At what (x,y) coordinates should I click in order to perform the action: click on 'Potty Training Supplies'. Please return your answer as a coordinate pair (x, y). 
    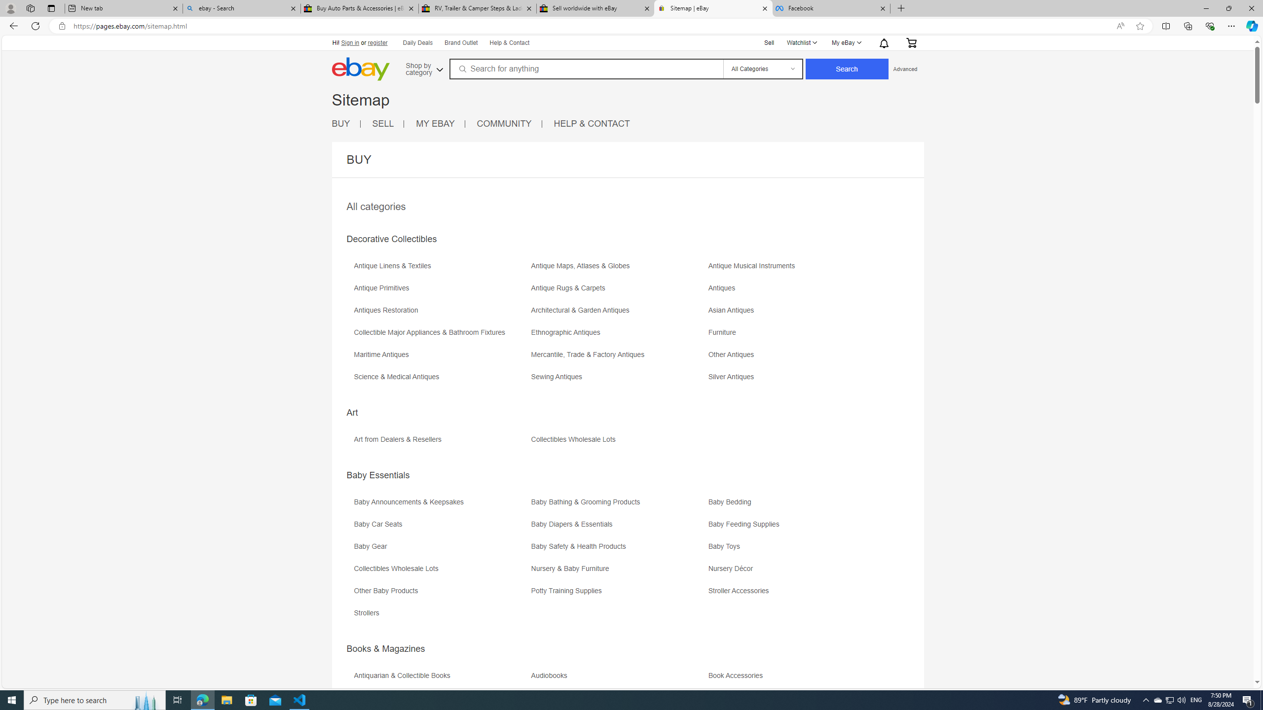
    Looking at the image, I should click on (618, 594).